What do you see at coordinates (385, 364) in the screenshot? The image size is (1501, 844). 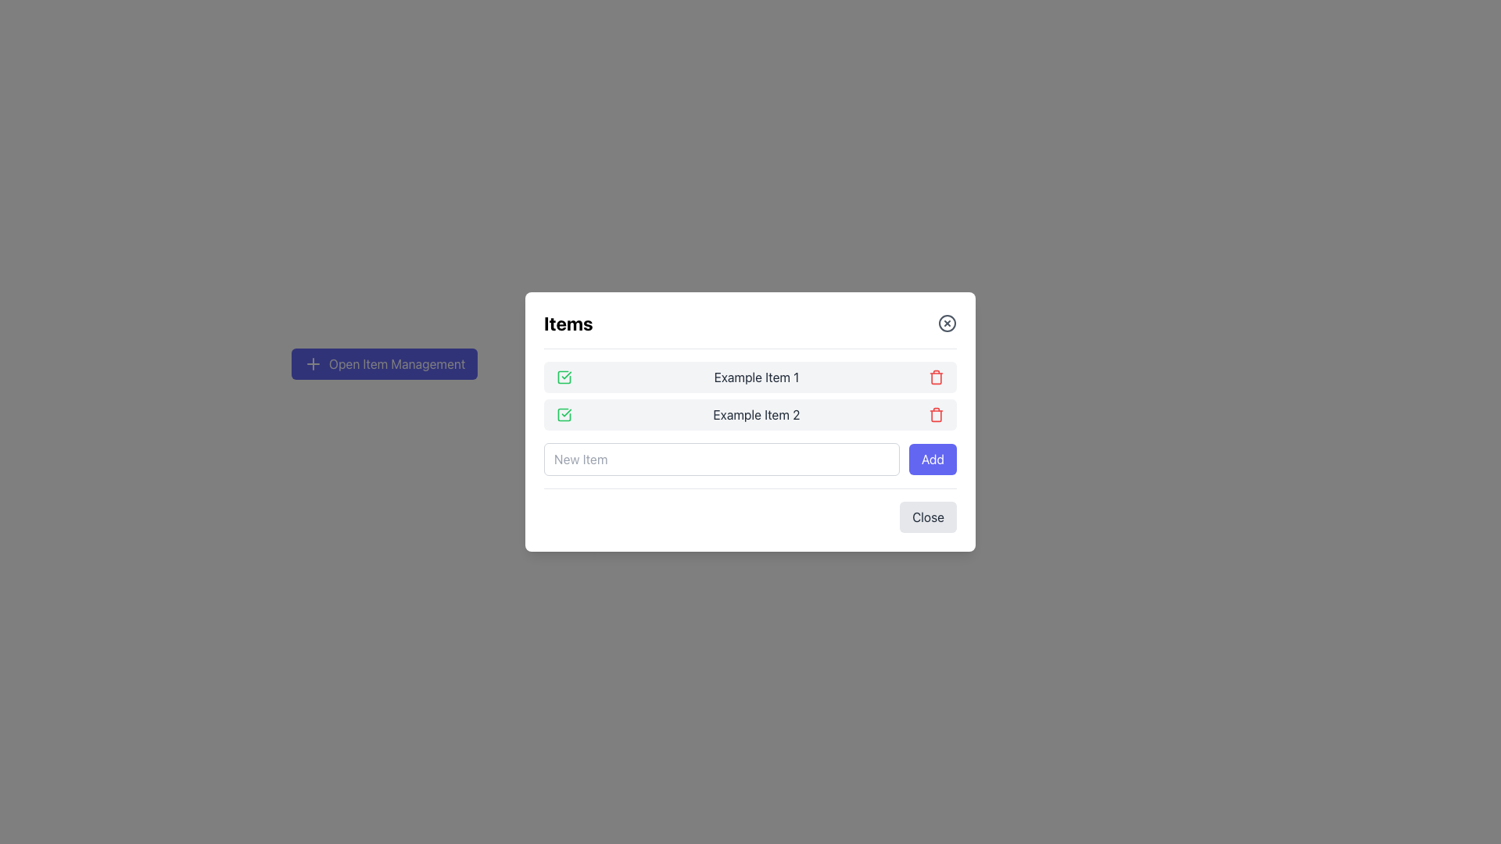 I see `the management button located to the left of the 'Items' panel` at bounding box center [385, 364].